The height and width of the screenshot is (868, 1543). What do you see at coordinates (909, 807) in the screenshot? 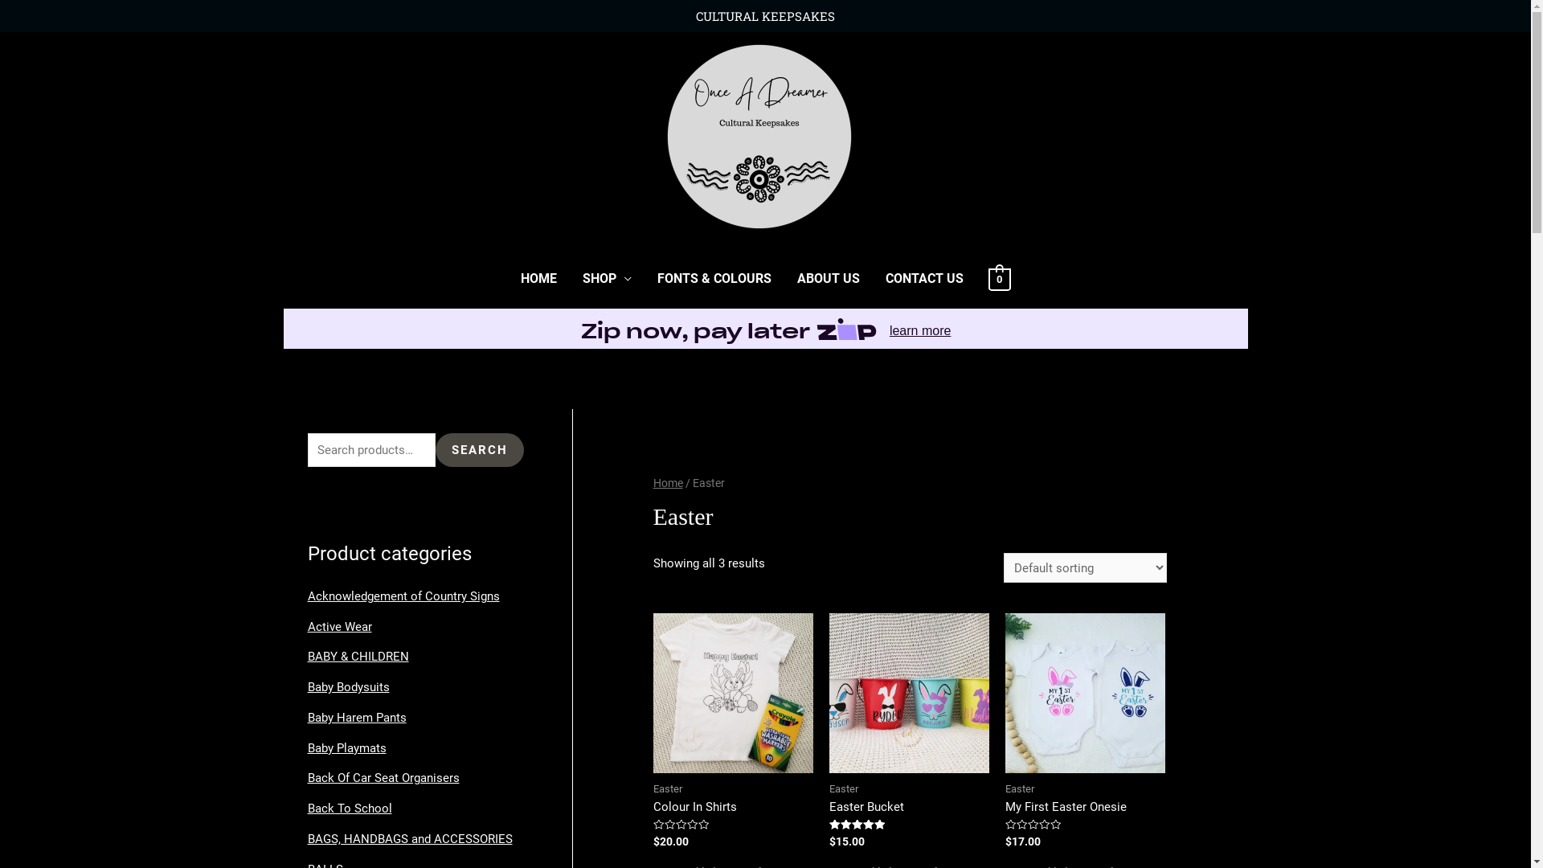
I see `'Easter Bucket'` at bounding box center [909, 807].